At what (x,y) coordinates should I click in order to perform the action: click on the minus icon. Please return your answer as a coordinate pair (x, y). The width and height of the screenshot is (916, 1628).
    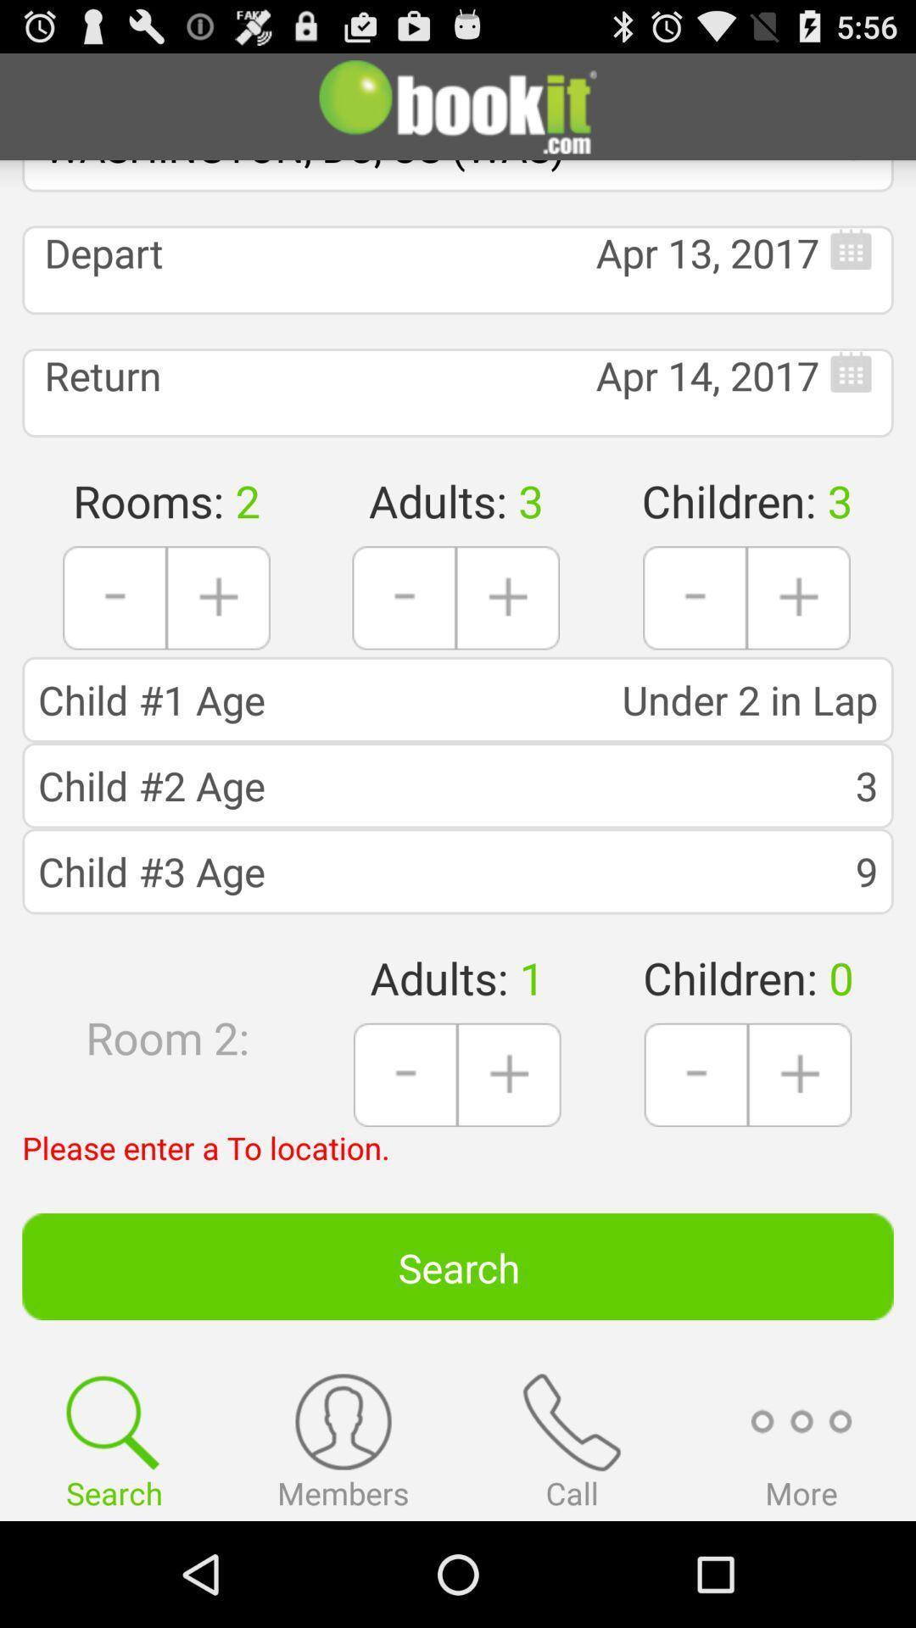
    Looking at the image, I should click on (405, 1150).